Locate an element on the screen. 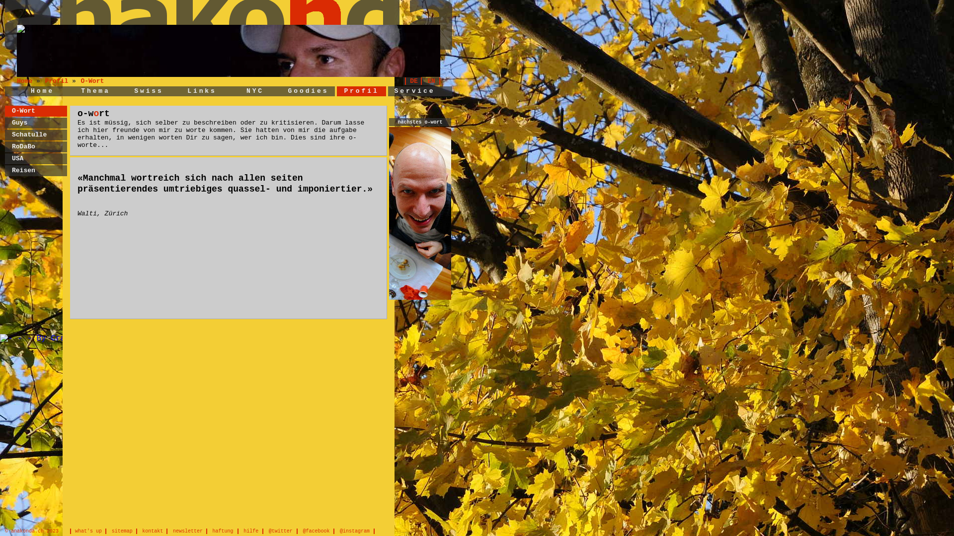 Image resolution: width=954 pixels, height=536 pixels. 'Links' is located at coordinates (201, 91).